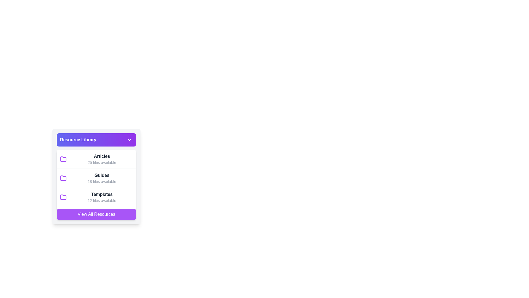 This screenshot has height=298, width=529. I want to click on the 'Articles' folder in the Resource Library, so click(96, 159).